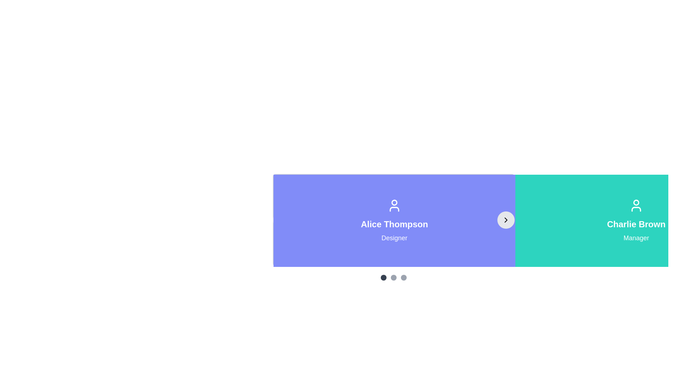 This screenshot has width=691, height=389. I want to click on the profile icon representing 'Charlie Brown', located at the top-right section of a turquoise-colored rectangular card, so click(636, 205).